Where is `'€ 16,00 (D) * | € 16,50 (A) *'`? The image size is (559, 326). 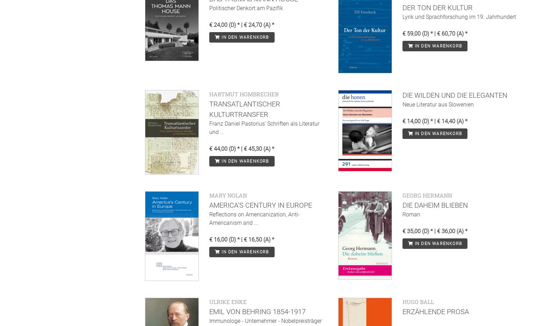 '€ 16,00 (D) * | € 16,50 (A) *' is located at coordinates (242, 239).